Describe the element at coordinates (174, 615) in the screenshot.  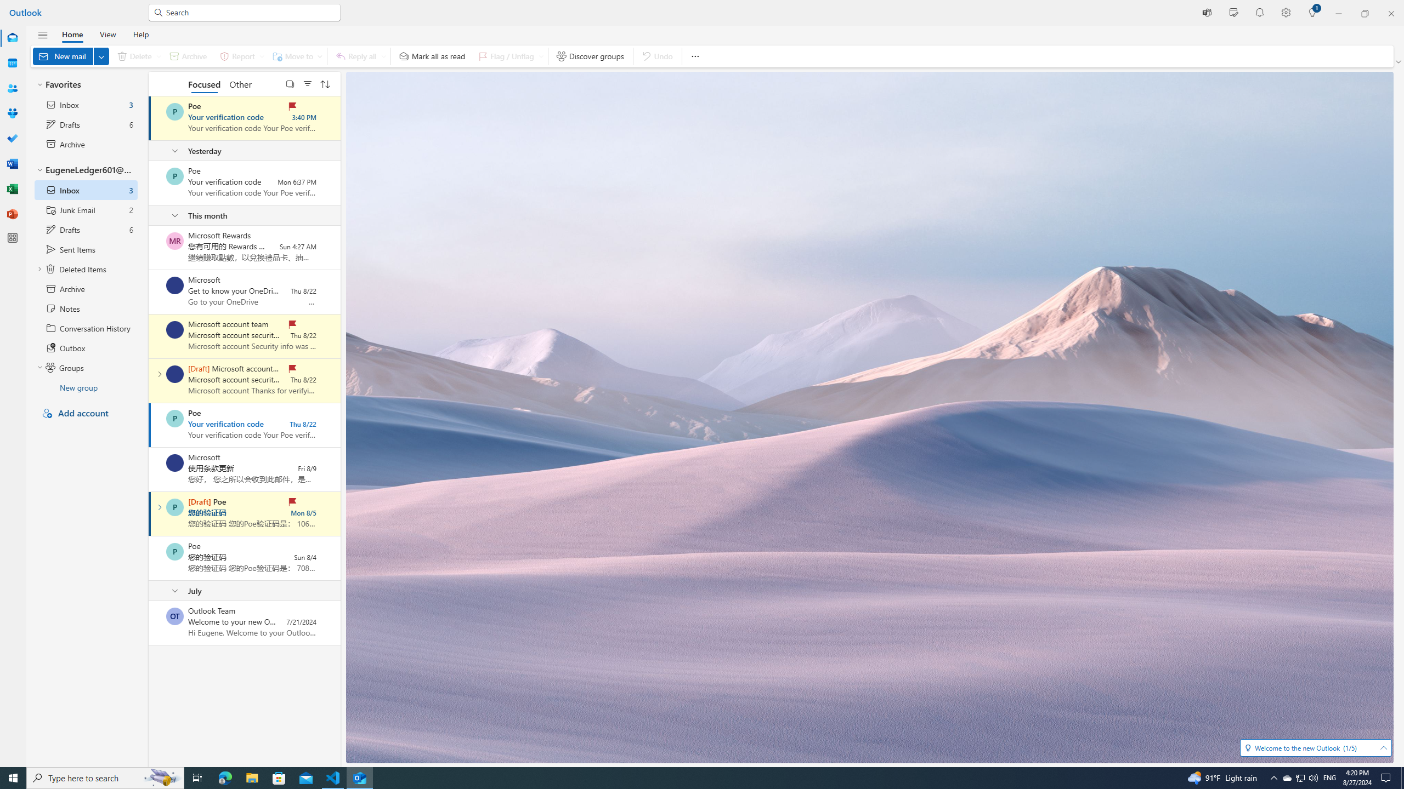
I see `'Select a conversation'` at that location.